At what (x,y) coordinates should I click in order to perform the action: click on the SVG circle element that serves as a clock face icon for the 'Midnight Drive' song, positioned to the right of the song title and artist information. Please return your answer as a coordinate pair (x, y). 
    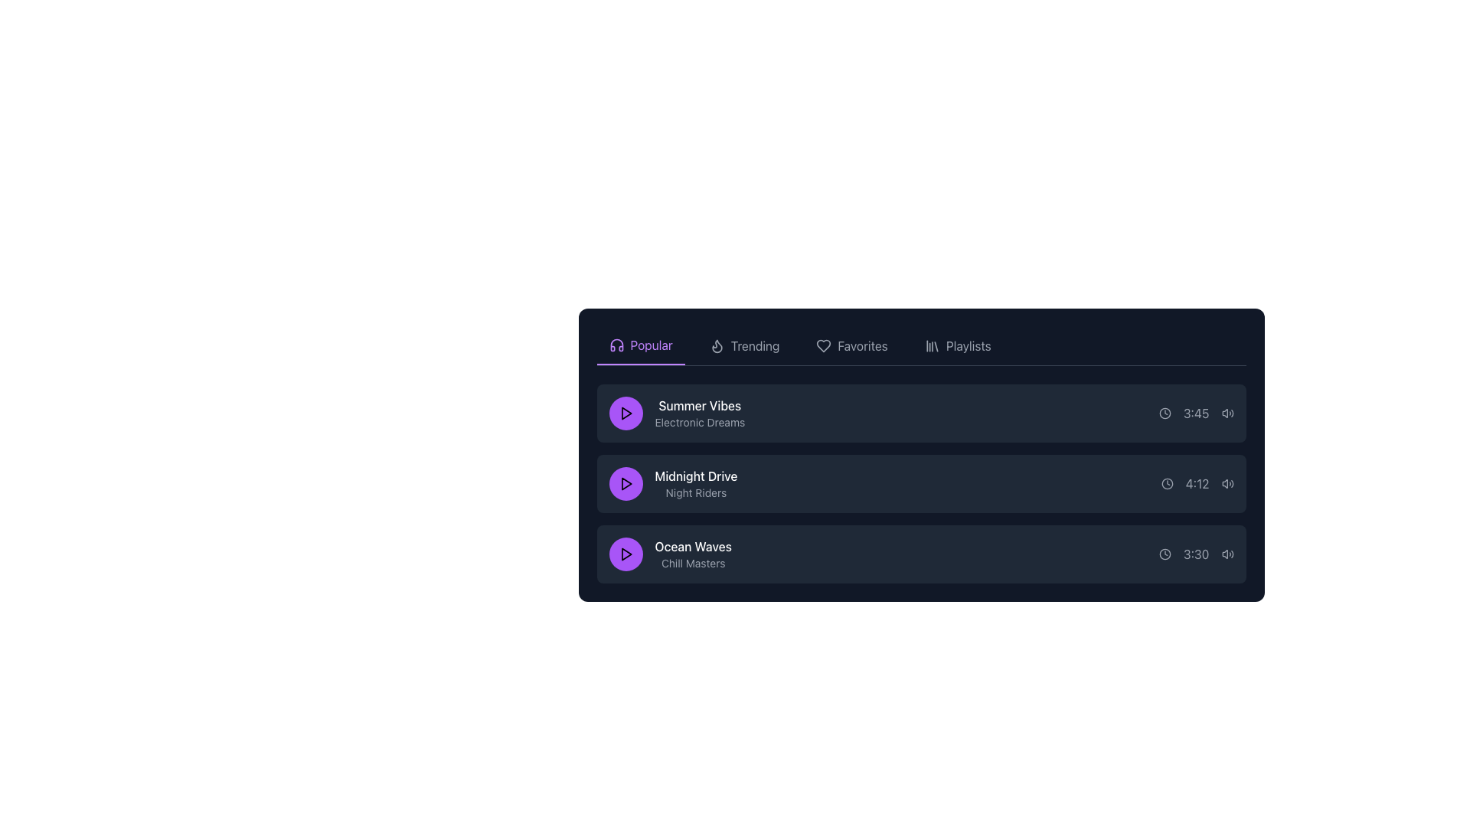
    Looking at the image, I should click on (1166, 484).